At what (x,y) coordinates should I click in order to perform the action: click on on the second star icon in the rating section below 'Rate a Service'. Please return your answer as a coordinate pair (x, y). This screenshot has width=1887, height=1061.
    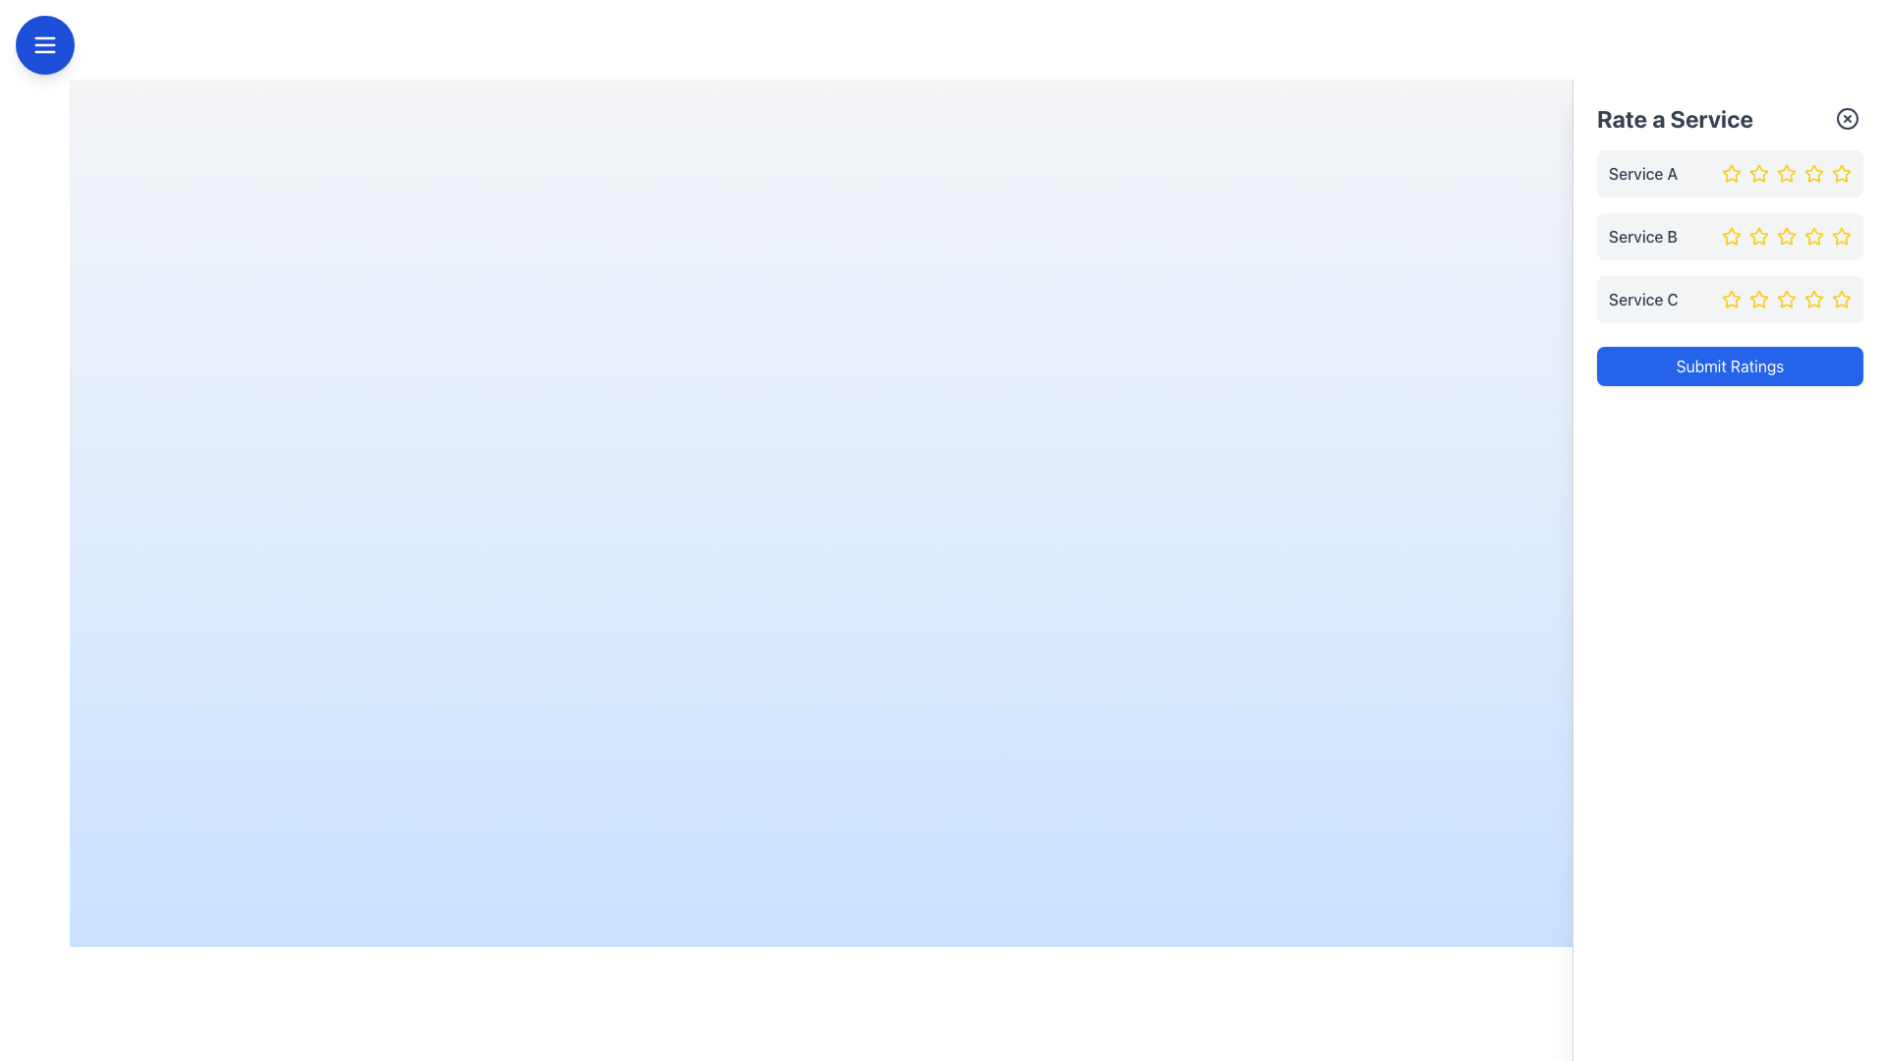
    Looking at the image, I should click on (1787, 173).